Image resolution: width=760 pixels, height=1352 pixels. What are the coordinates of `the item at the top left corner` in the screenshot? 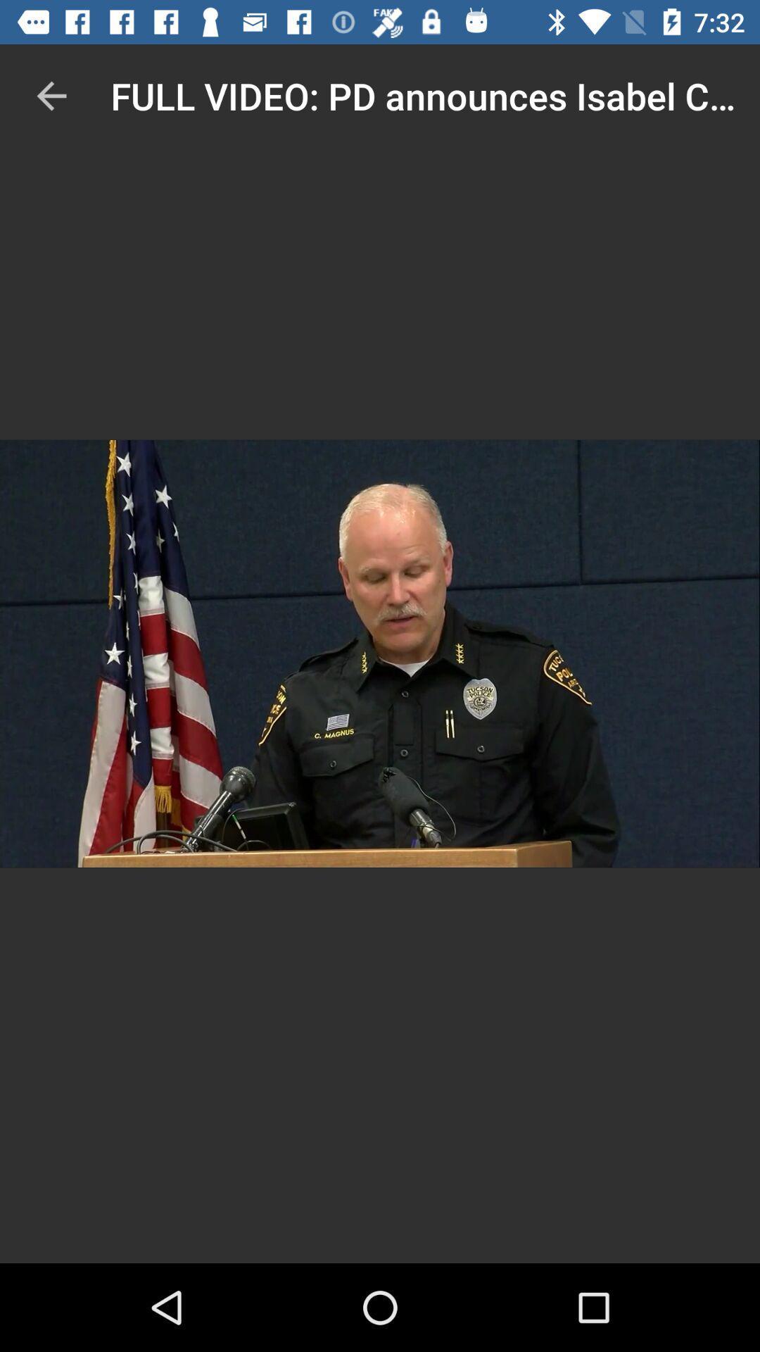 It's located at (51, 95).